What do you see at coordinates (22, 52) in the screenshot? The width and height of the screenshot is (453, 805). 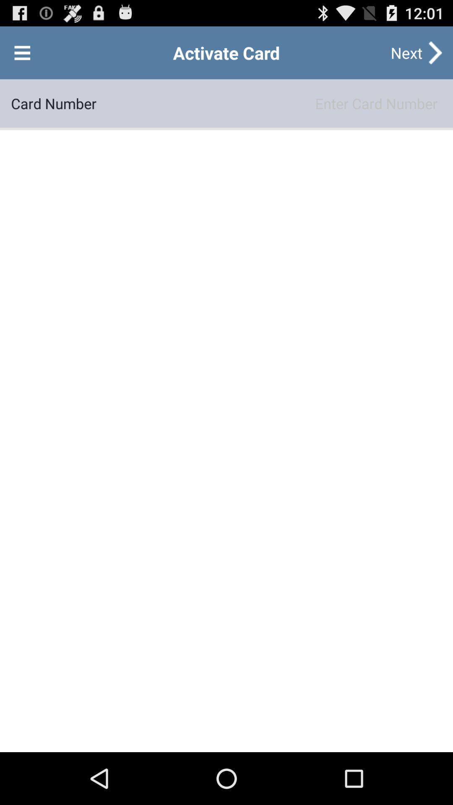 I see `expand contents` at bounding box center [22, 52].